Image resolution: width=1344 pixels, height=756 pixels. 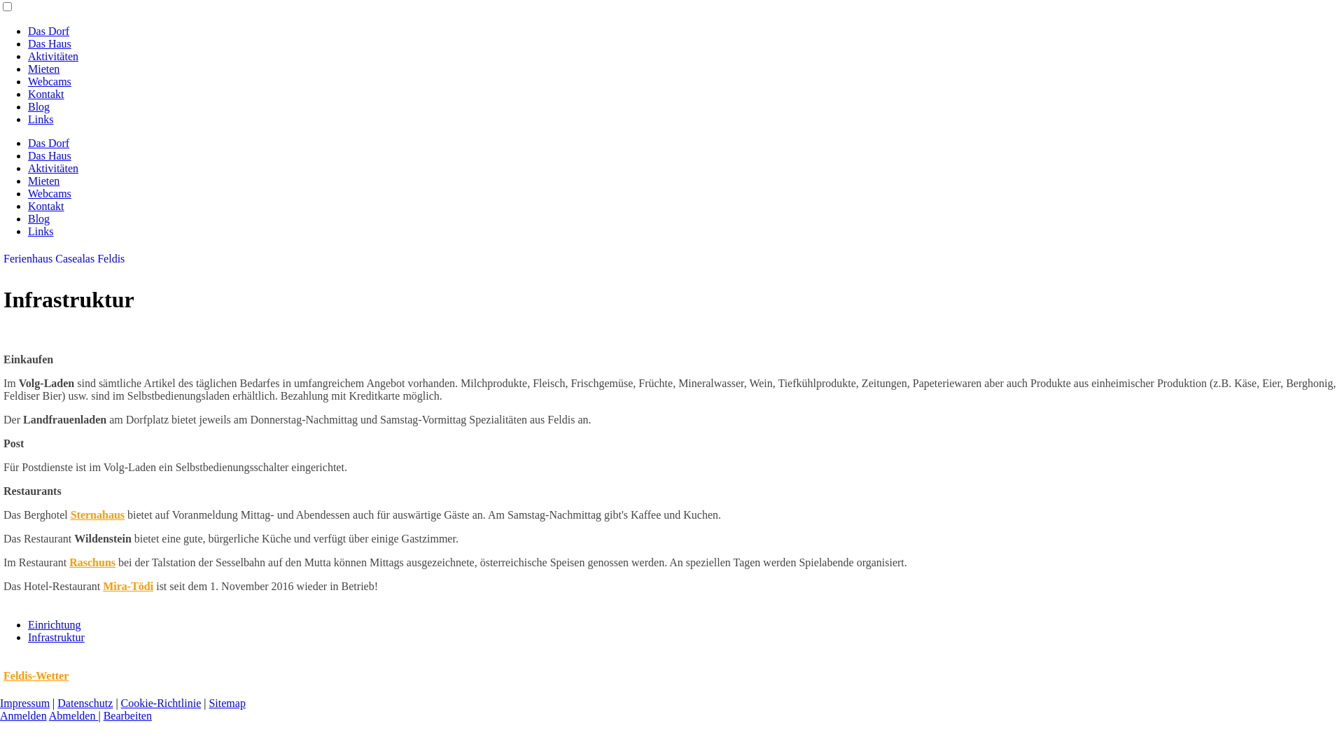 I want to click on 'Mieten', so click(x=43, y=69).